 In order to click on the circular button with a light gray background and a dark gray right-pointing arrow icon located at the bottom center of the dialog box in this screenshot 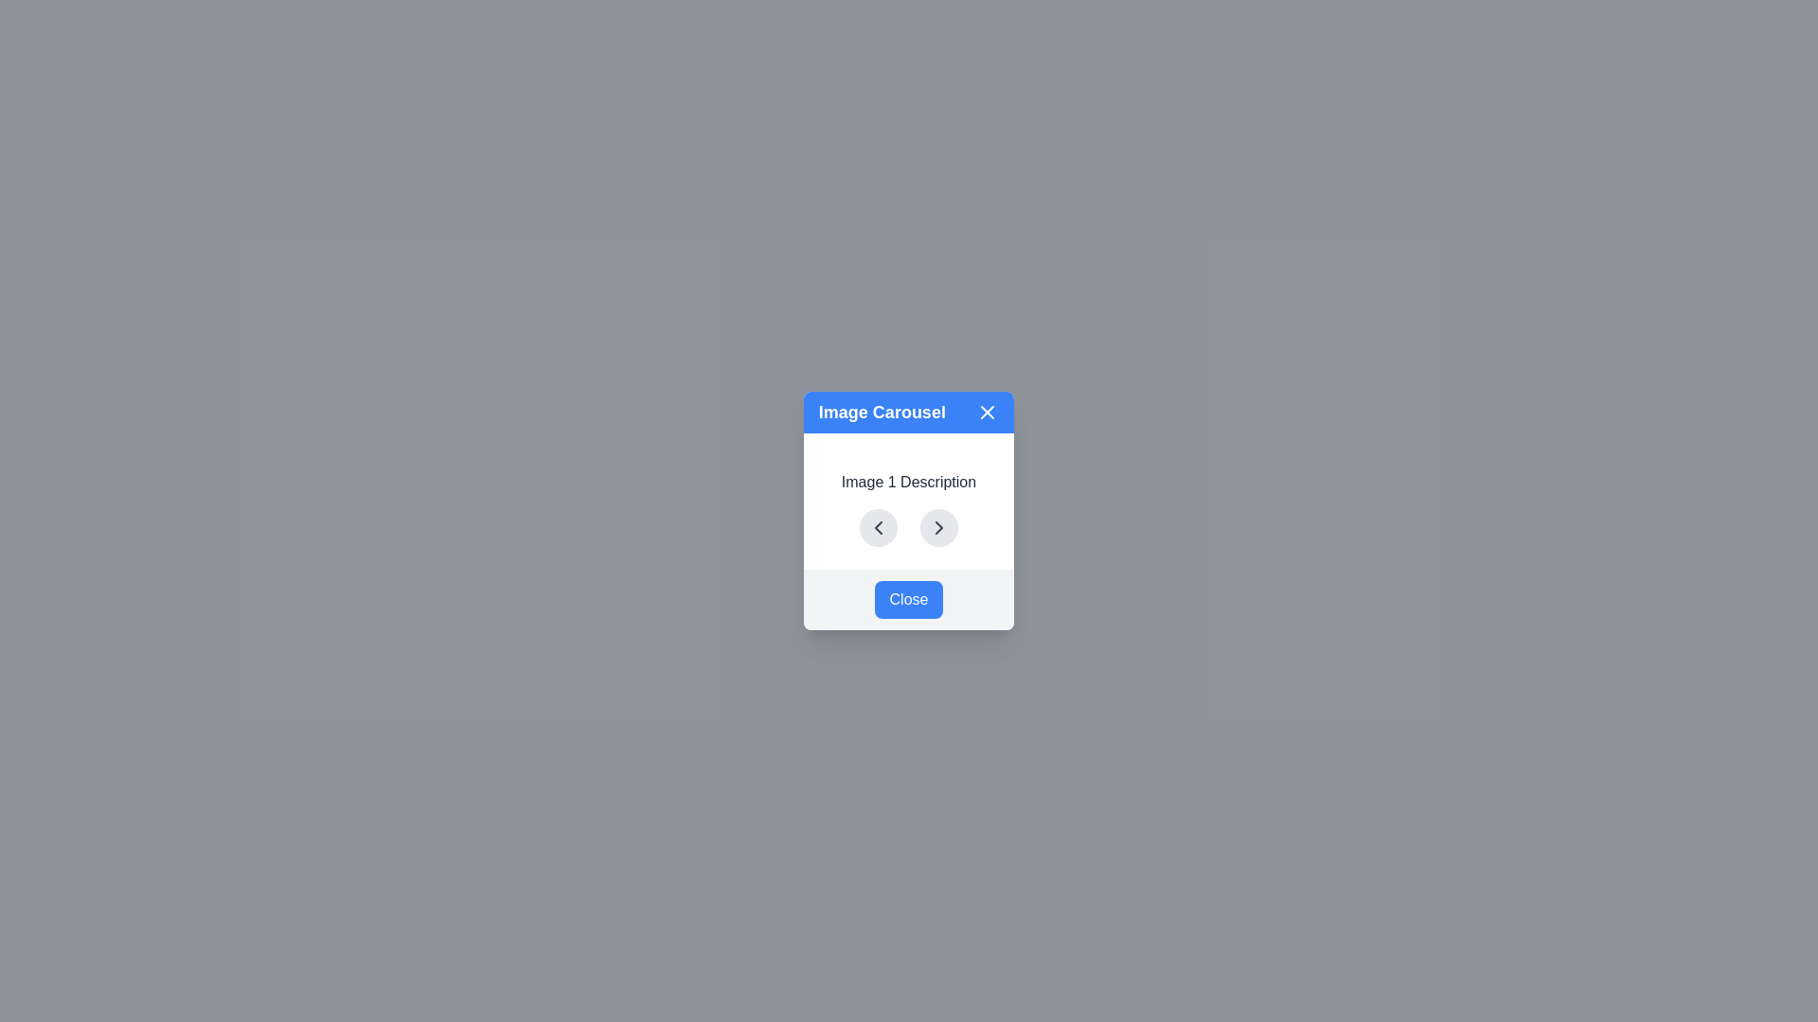, I will do `click(939, 528)`.